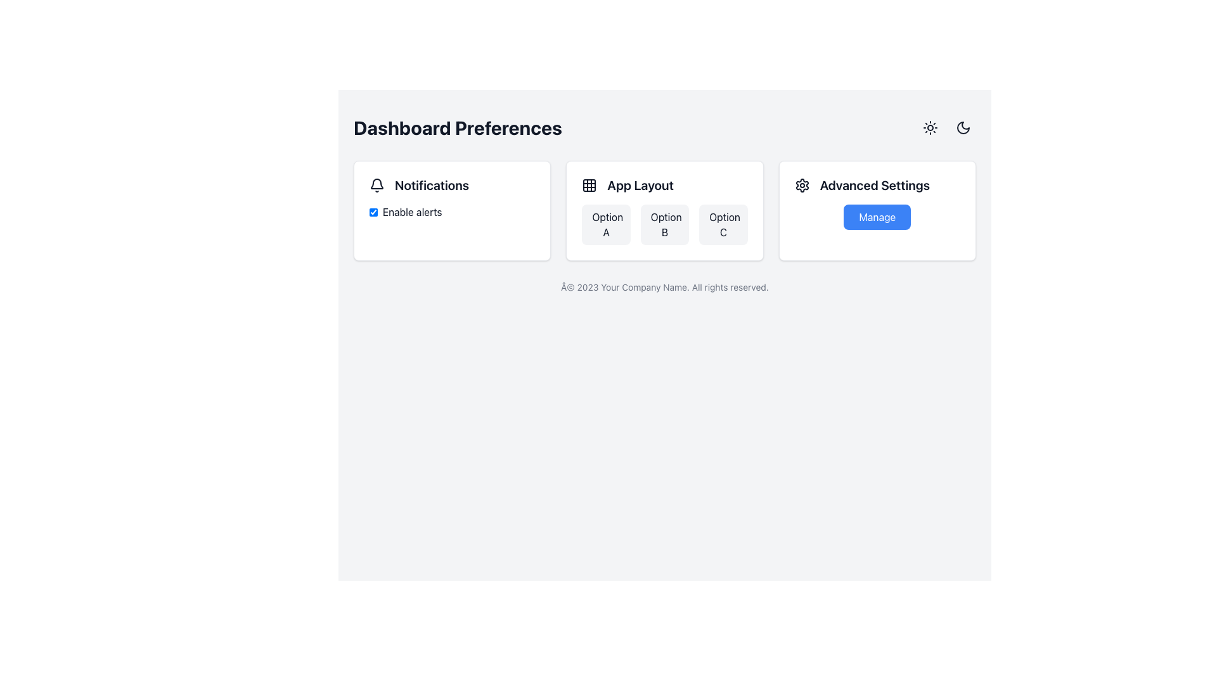 Image resolution: width=1217 pixels, height=684 pixels. I want to click on the first button labeled 'Option A' with a light gray background, so click(605, 224).